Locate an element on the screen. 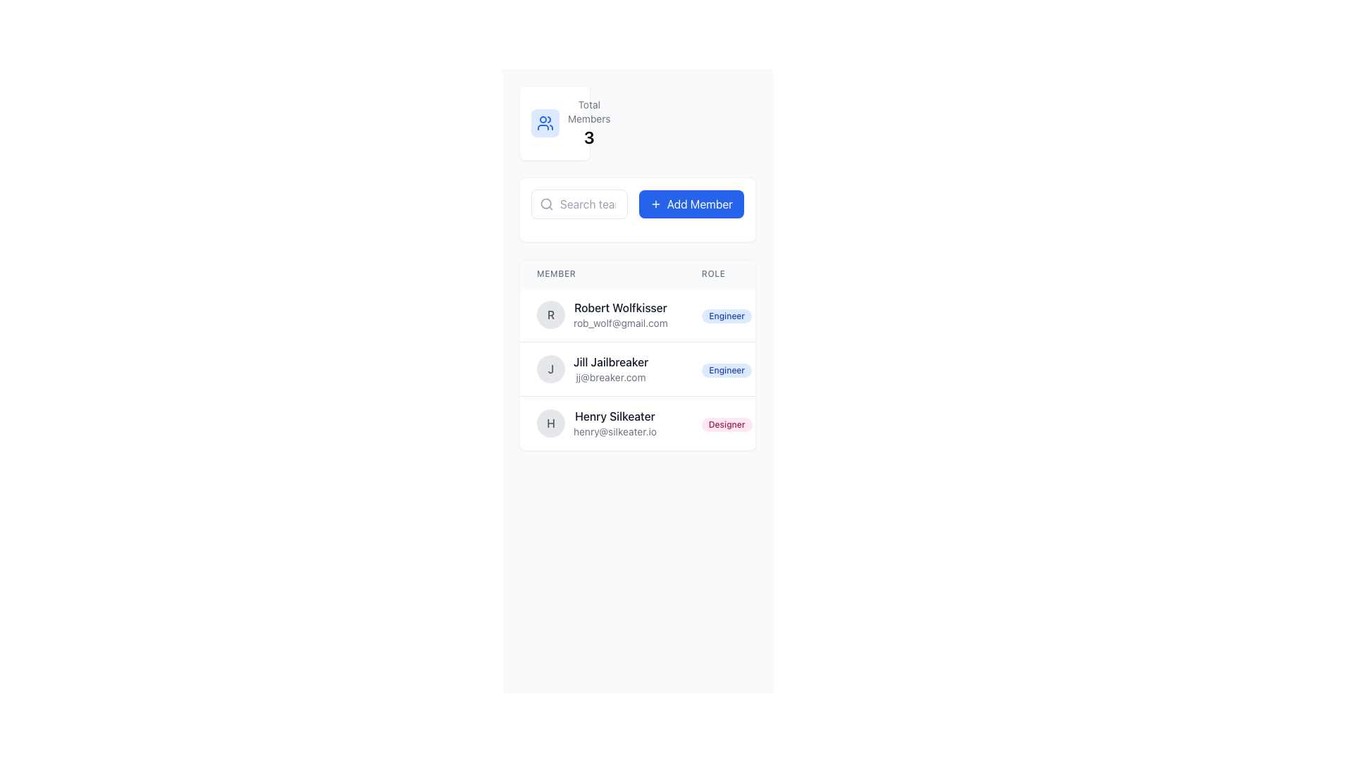 Image resolution: width=1353 pixels, height=761 pixels. to select the Profile Information Row displaying user information for 'Henry Silkeater', located between 'Jill Jailbreaker' and the 'Designer' badge is located at coordinates (602, 422).